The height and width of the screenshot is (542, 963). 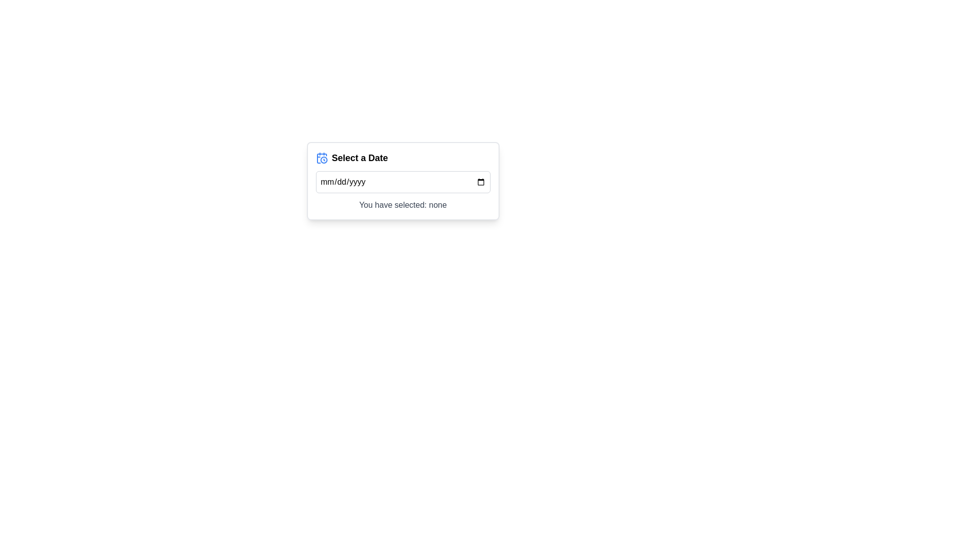 I want to click on the icon located to the left of the 'Select a Date' label, so click(x=322, y=158).